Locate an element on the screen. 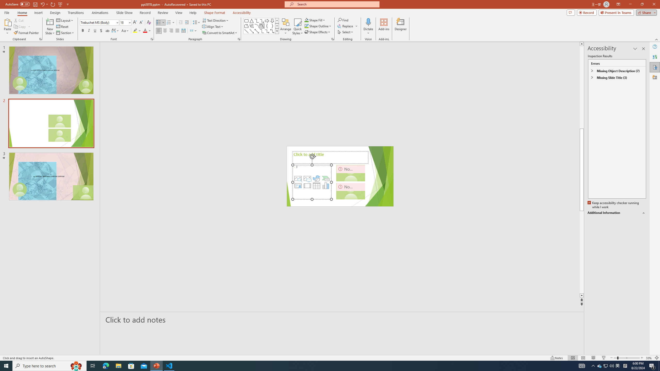  'Shape Outline Green, Accent 1' is located at coordinates (307, 26).